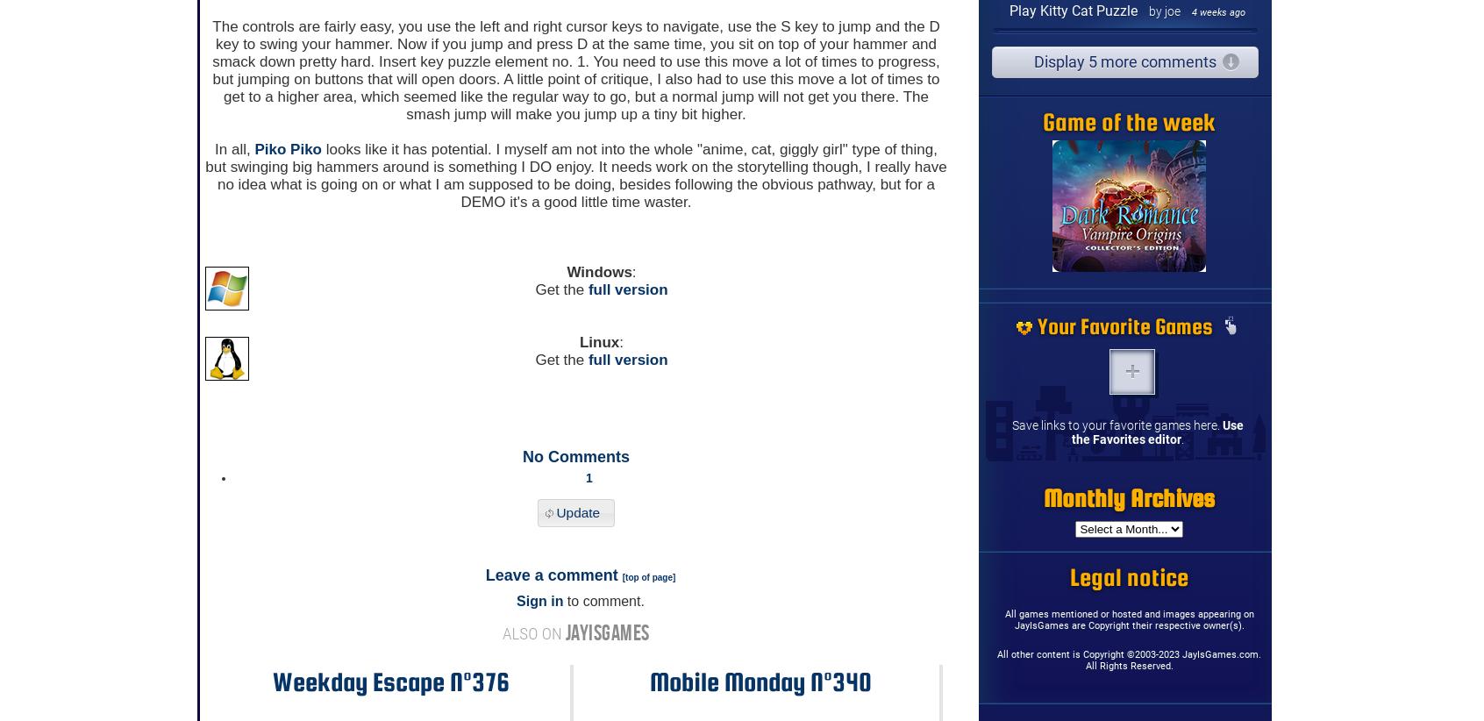  I want to click on '.', so click(1182, 438).